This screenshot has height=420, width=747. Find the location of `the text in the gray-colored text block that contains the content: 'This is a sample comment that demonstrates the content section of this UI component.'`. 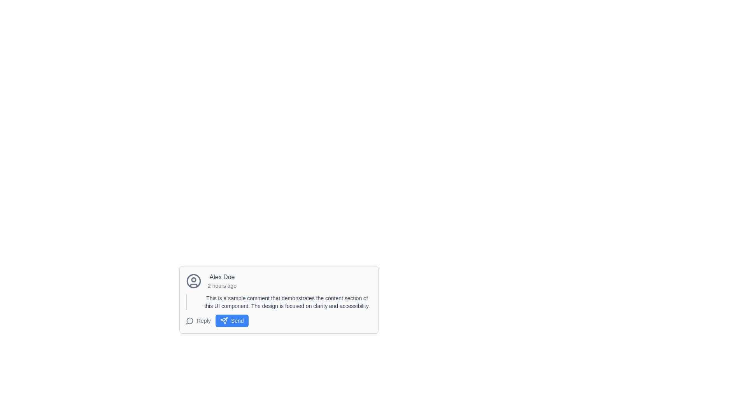

the text in the gray-colored text block that contains the content: 'This is a sample comment that demonstrates the content section of this UI component.' is located at coordinates (287, 301).